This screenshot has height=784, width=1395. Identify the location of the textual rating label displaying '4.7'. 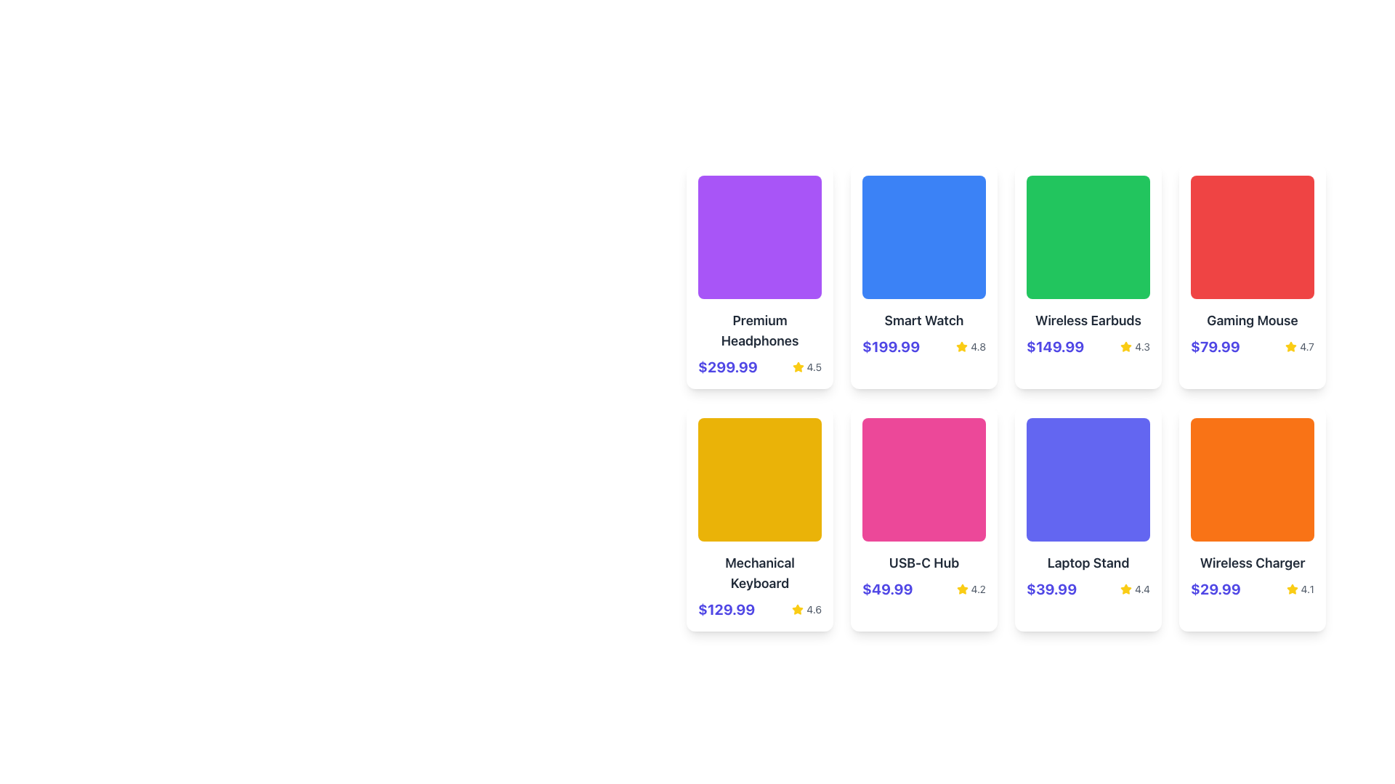
(1300, 347).